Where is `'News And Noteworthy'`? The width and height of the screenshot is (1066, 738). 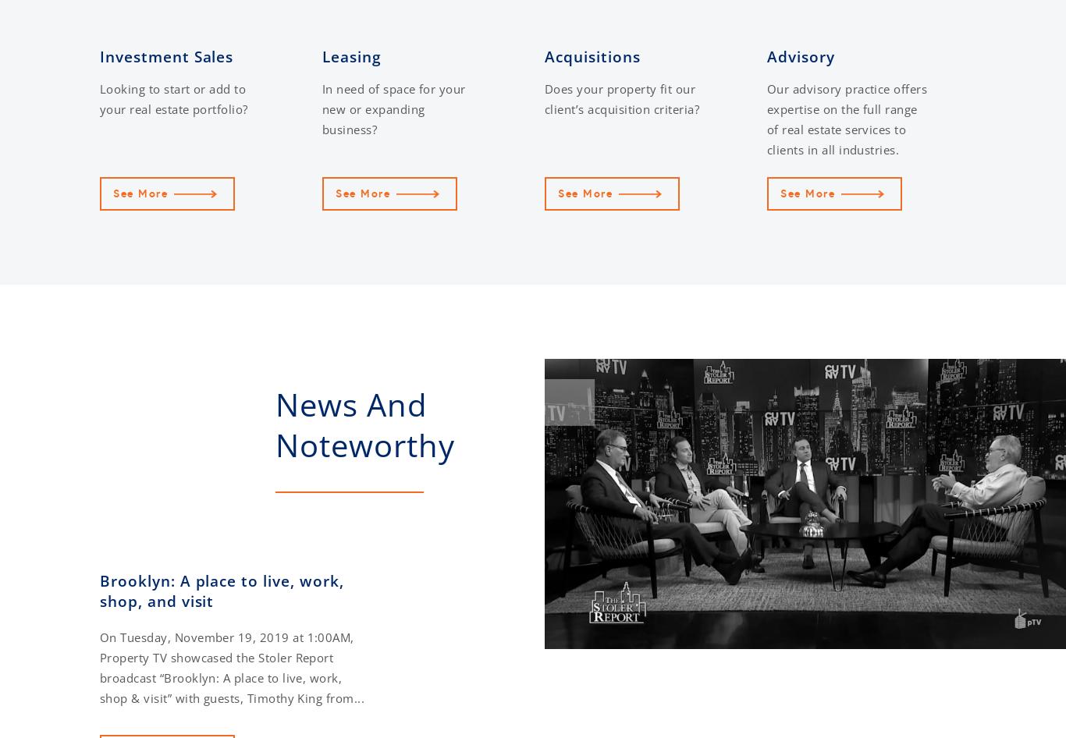
'News And Noteworthy' is located at coordinates (364, 424).